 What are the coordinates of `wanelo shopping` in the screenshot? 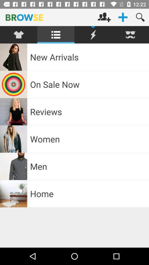 It's located at (93, 35).